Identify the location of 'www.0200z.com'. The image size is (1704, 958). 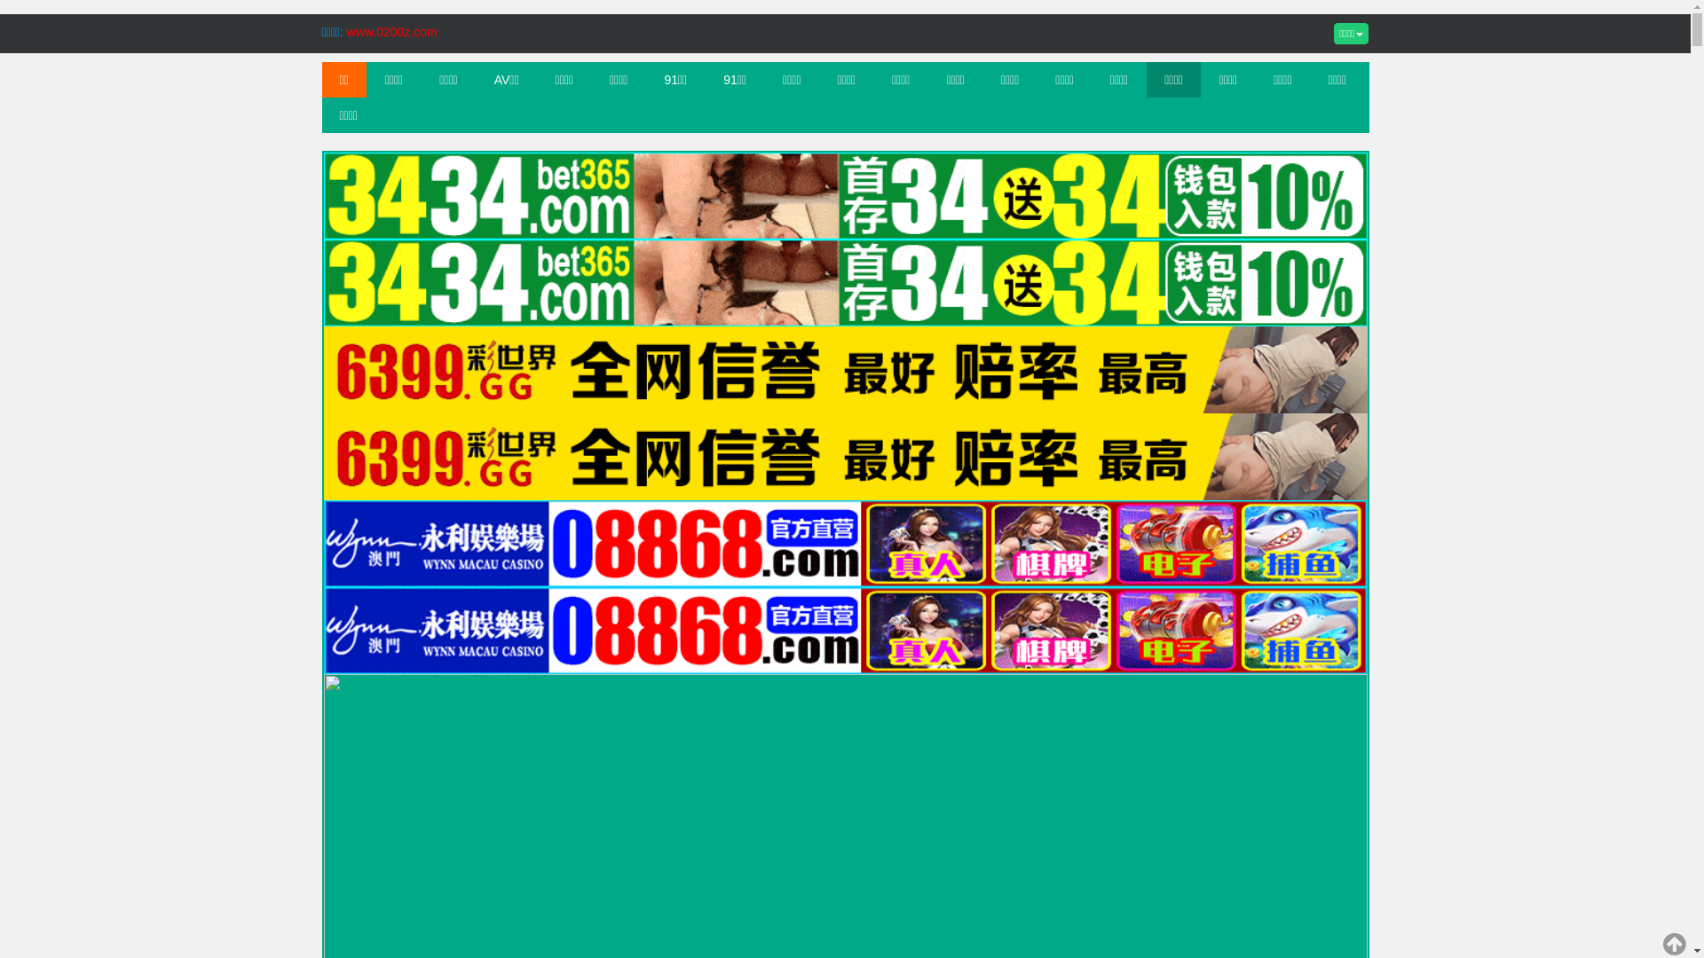
(390, 31).